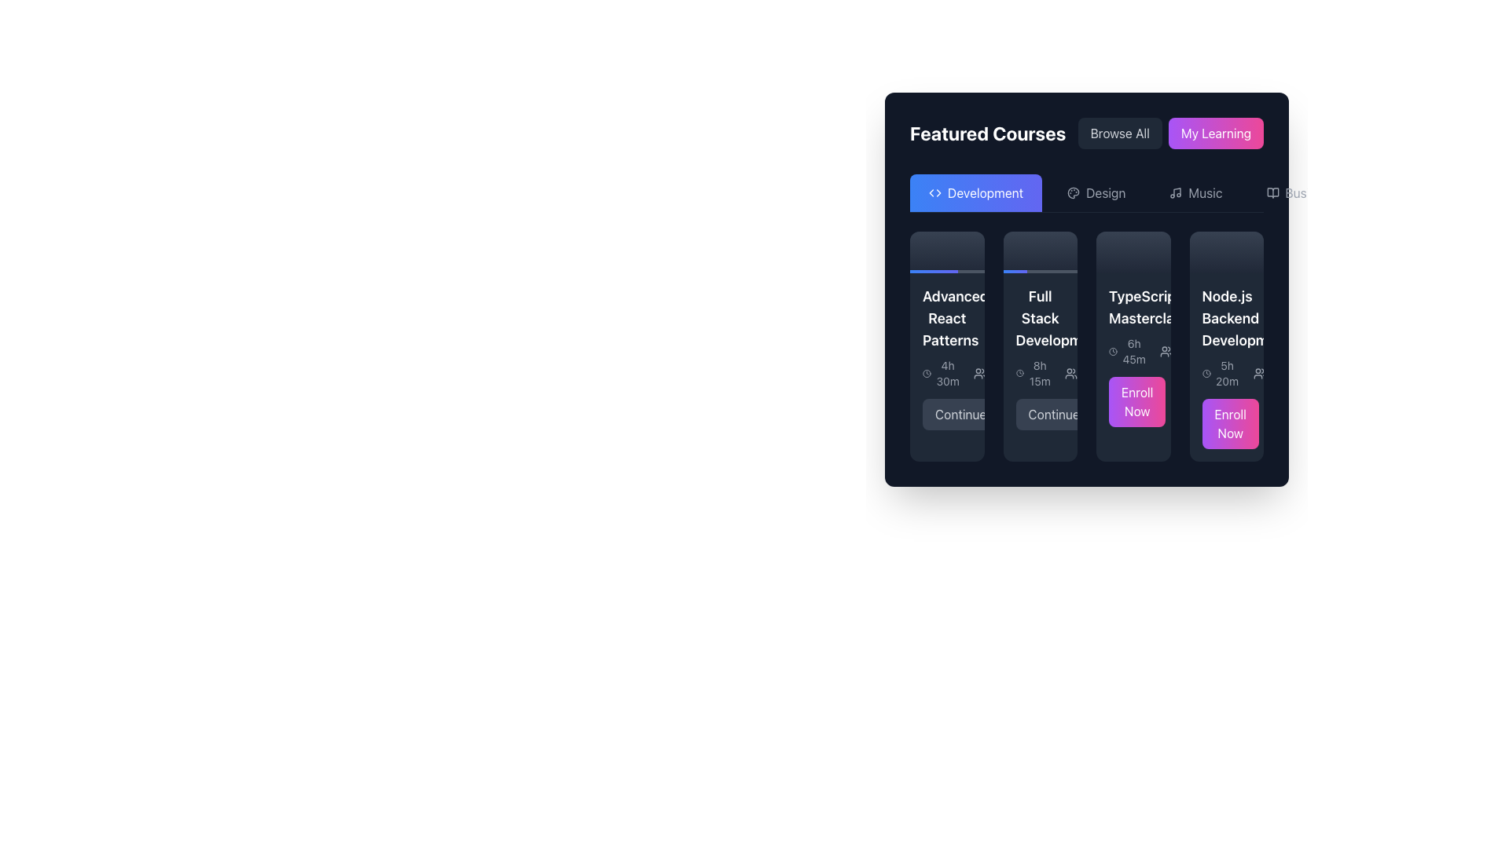 Image resolution: width=1509 pixels, height=848 pixels. What do you see at coordinates (1019, 374) in the screenshot?
I see `the SVG circle element that is centrally located within the clock icon, which is positioned beneath the text indicating durations in the featured courses section` at bounding box center [1019, 374].